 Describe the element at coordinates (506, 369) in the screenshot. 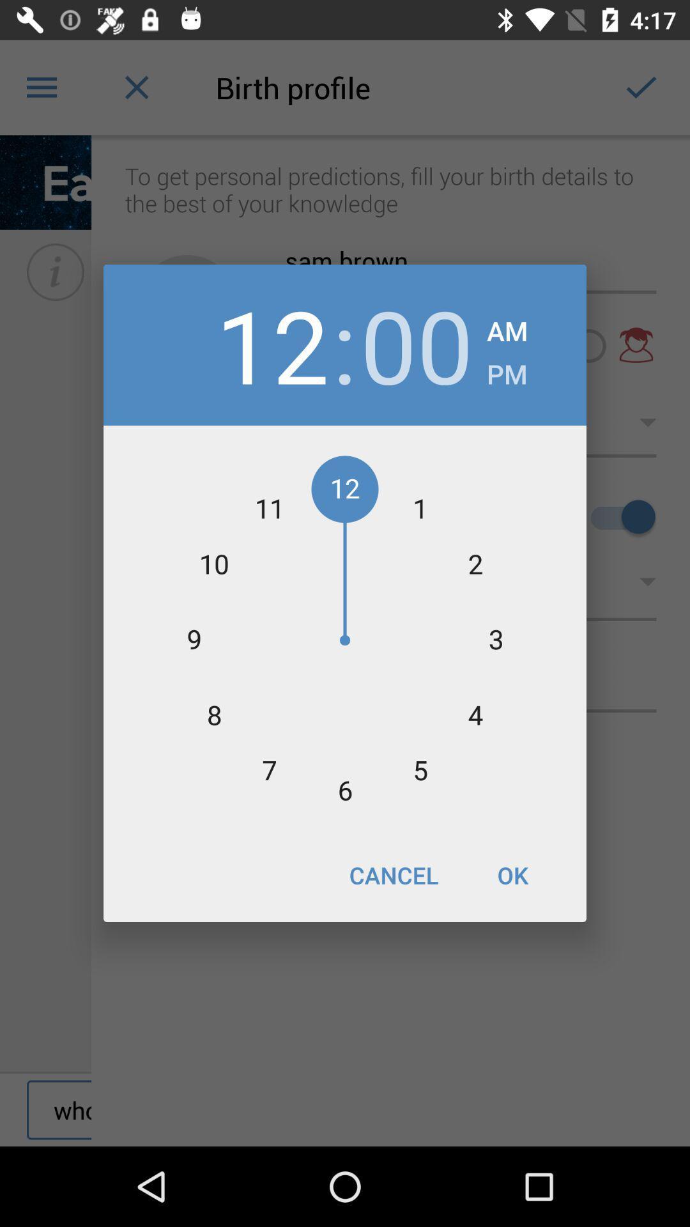

I see `pm` at that location.